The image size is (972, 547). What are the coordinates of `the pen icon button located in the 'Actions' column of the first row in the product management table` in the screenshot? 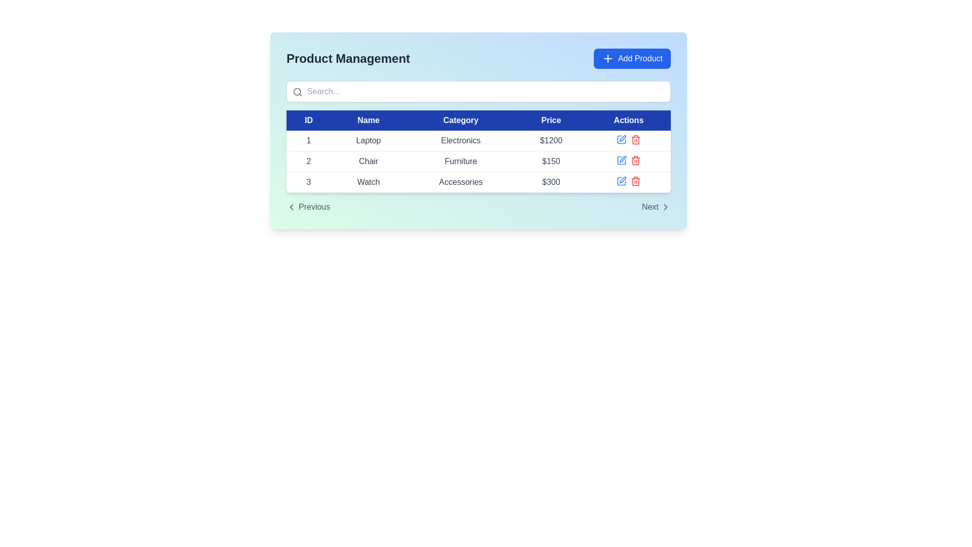 It's located at (622, 138).